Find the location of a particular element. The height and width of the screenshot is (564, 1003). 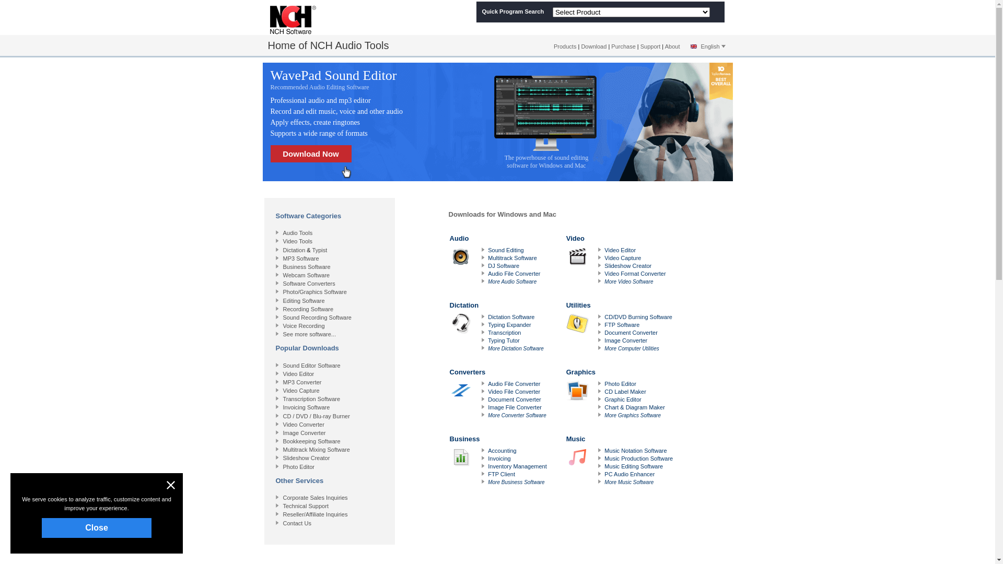

'Business Software' is located at coordinates (283, 266).